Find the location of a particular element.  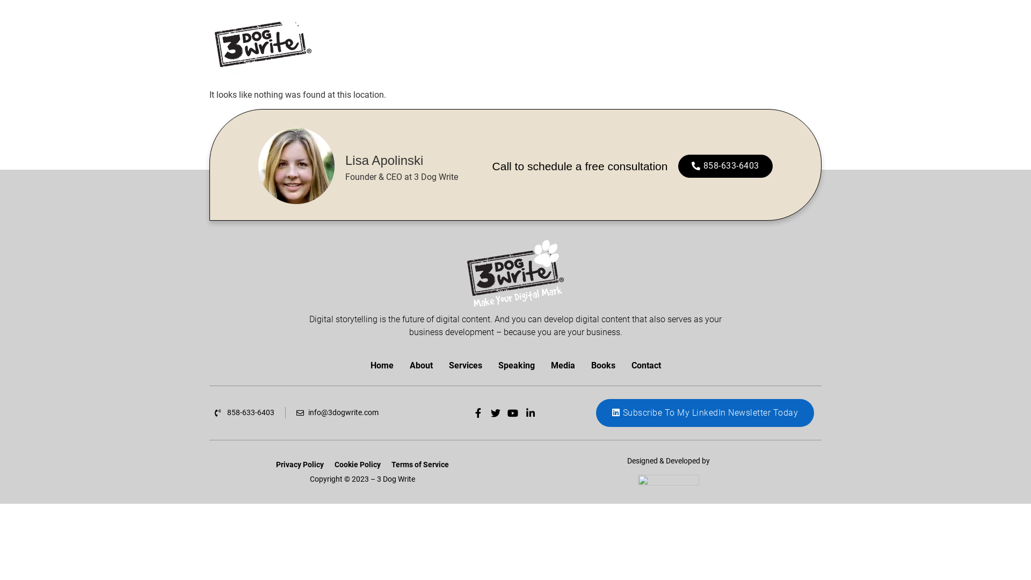

'Cookie Policy' is located at coordinates (358, 463).